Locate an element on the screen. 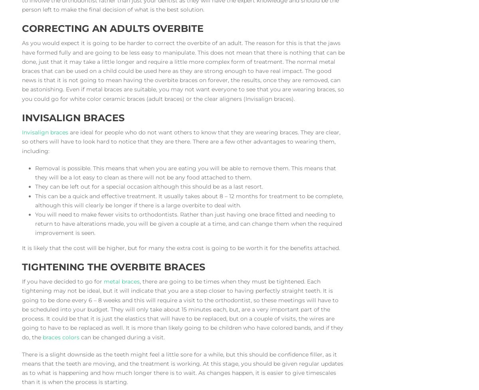  'There is a slight downside as the teeth might feel a little sore for a while, but this should be confidence filler, as it means that the teeth are moving, and the treatment is working. At this stage, you should be given regular updates as to what is happening and how much longer there is to wait. As changes happen, it is easier to give timescales than it is when the process is starting.' is located at coordinates (182, 368).